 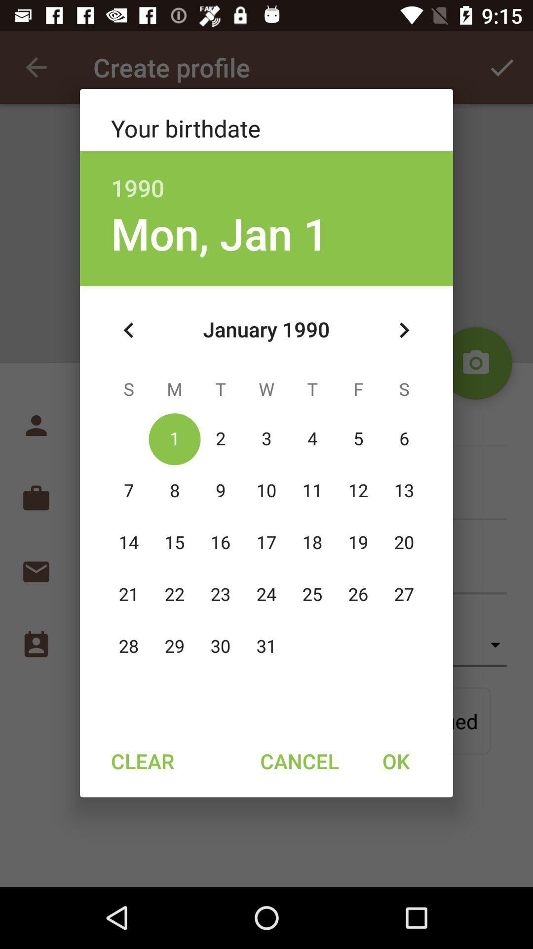 I want to click on the ok item, so click(x=395, y=760).